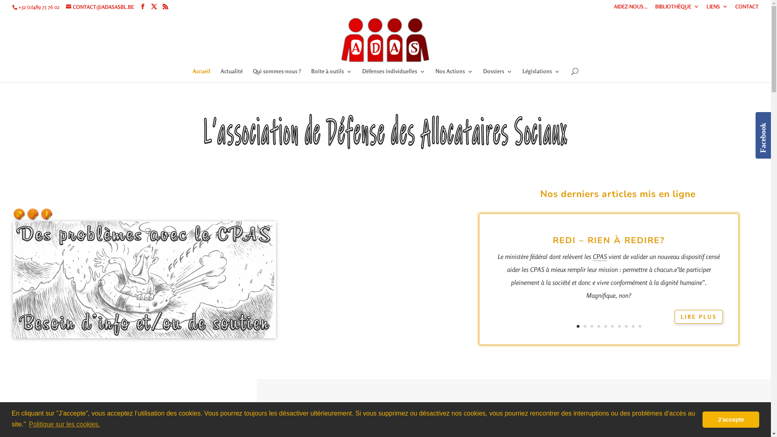  Describe the element at coordinates (717, 8) in the screenshot. I see `'LIENS'` at that location.